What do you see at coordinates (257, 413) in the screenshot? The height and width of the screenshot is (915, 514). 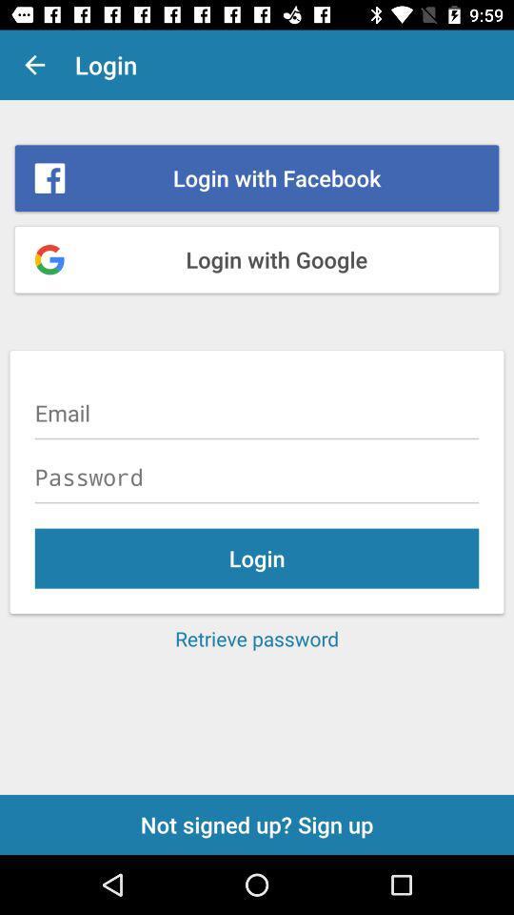 I see `username` at bounding box center [257, 413].